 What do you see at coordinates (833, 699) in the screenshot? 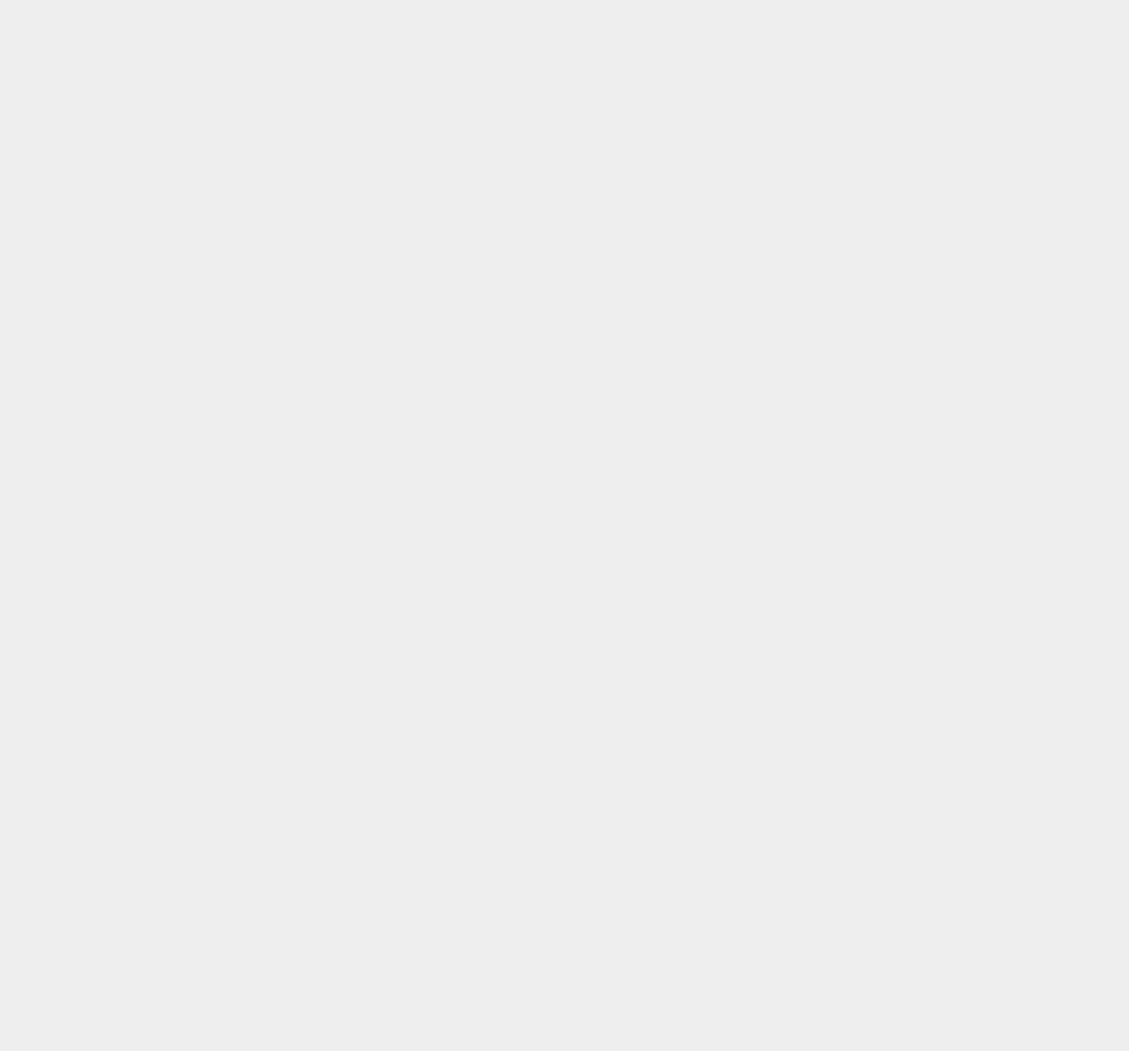
I see `'HealthVault'` at bounding box center [833, 699].